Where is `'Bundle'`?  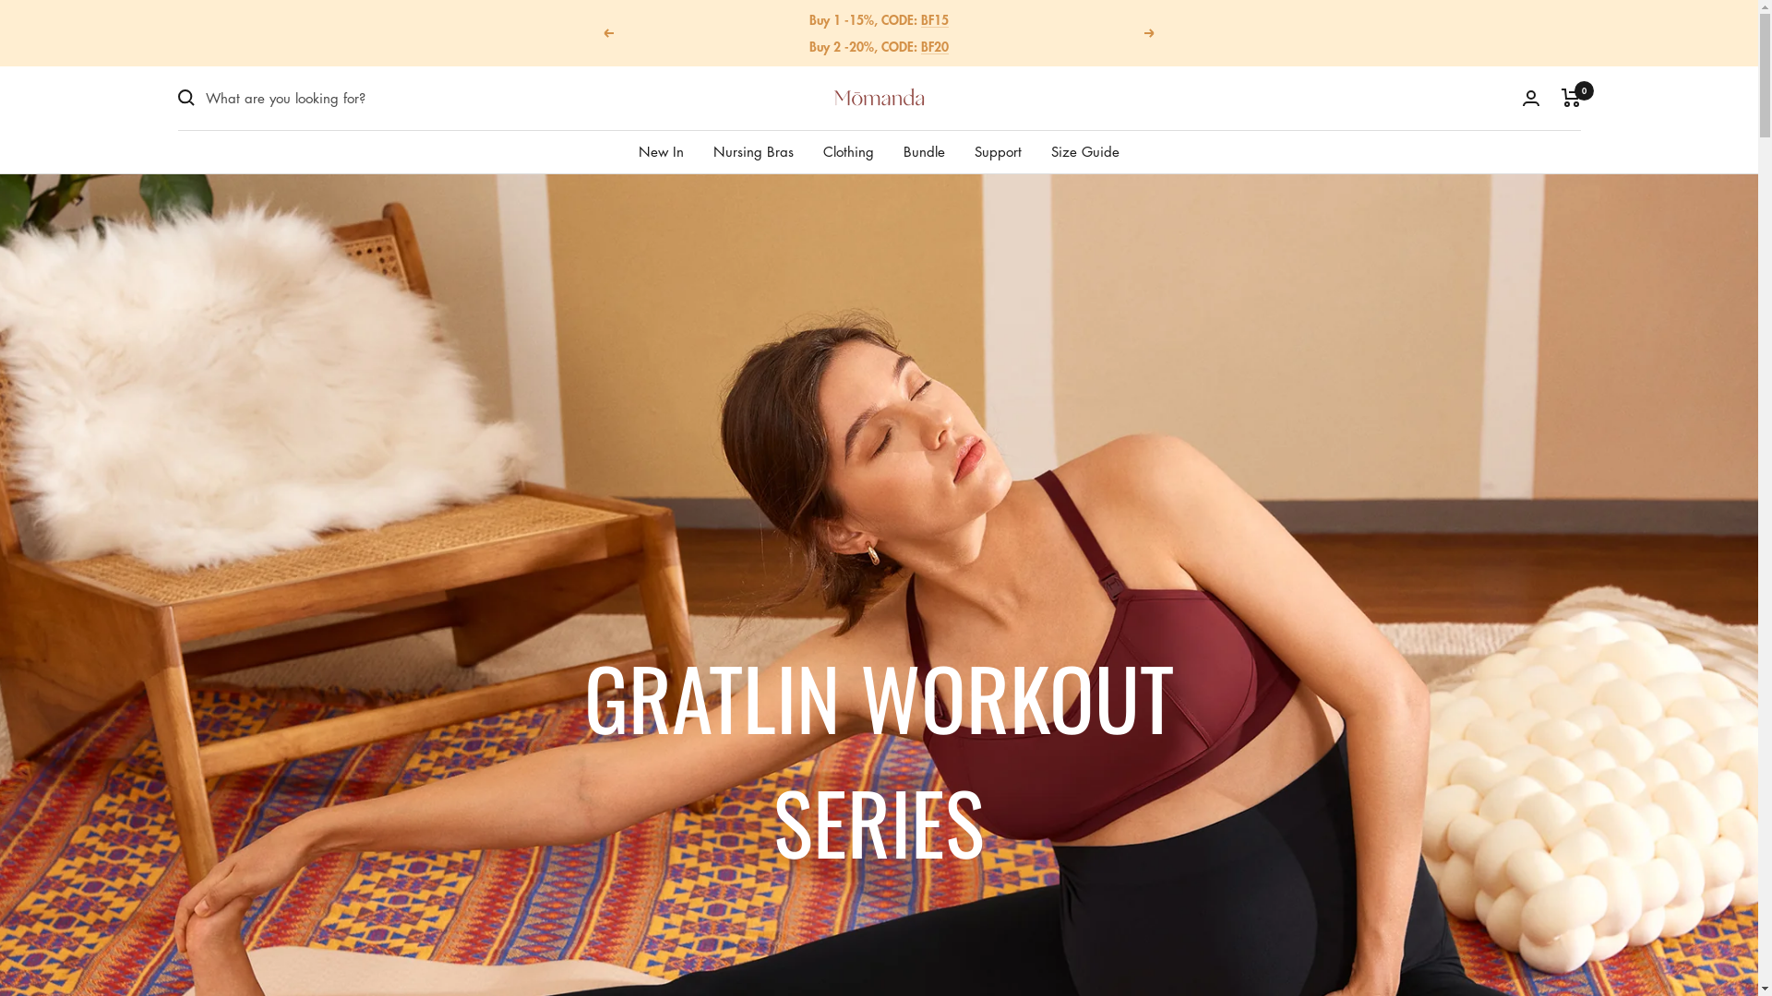 'Bundle' is located at coordinates (924, 148).